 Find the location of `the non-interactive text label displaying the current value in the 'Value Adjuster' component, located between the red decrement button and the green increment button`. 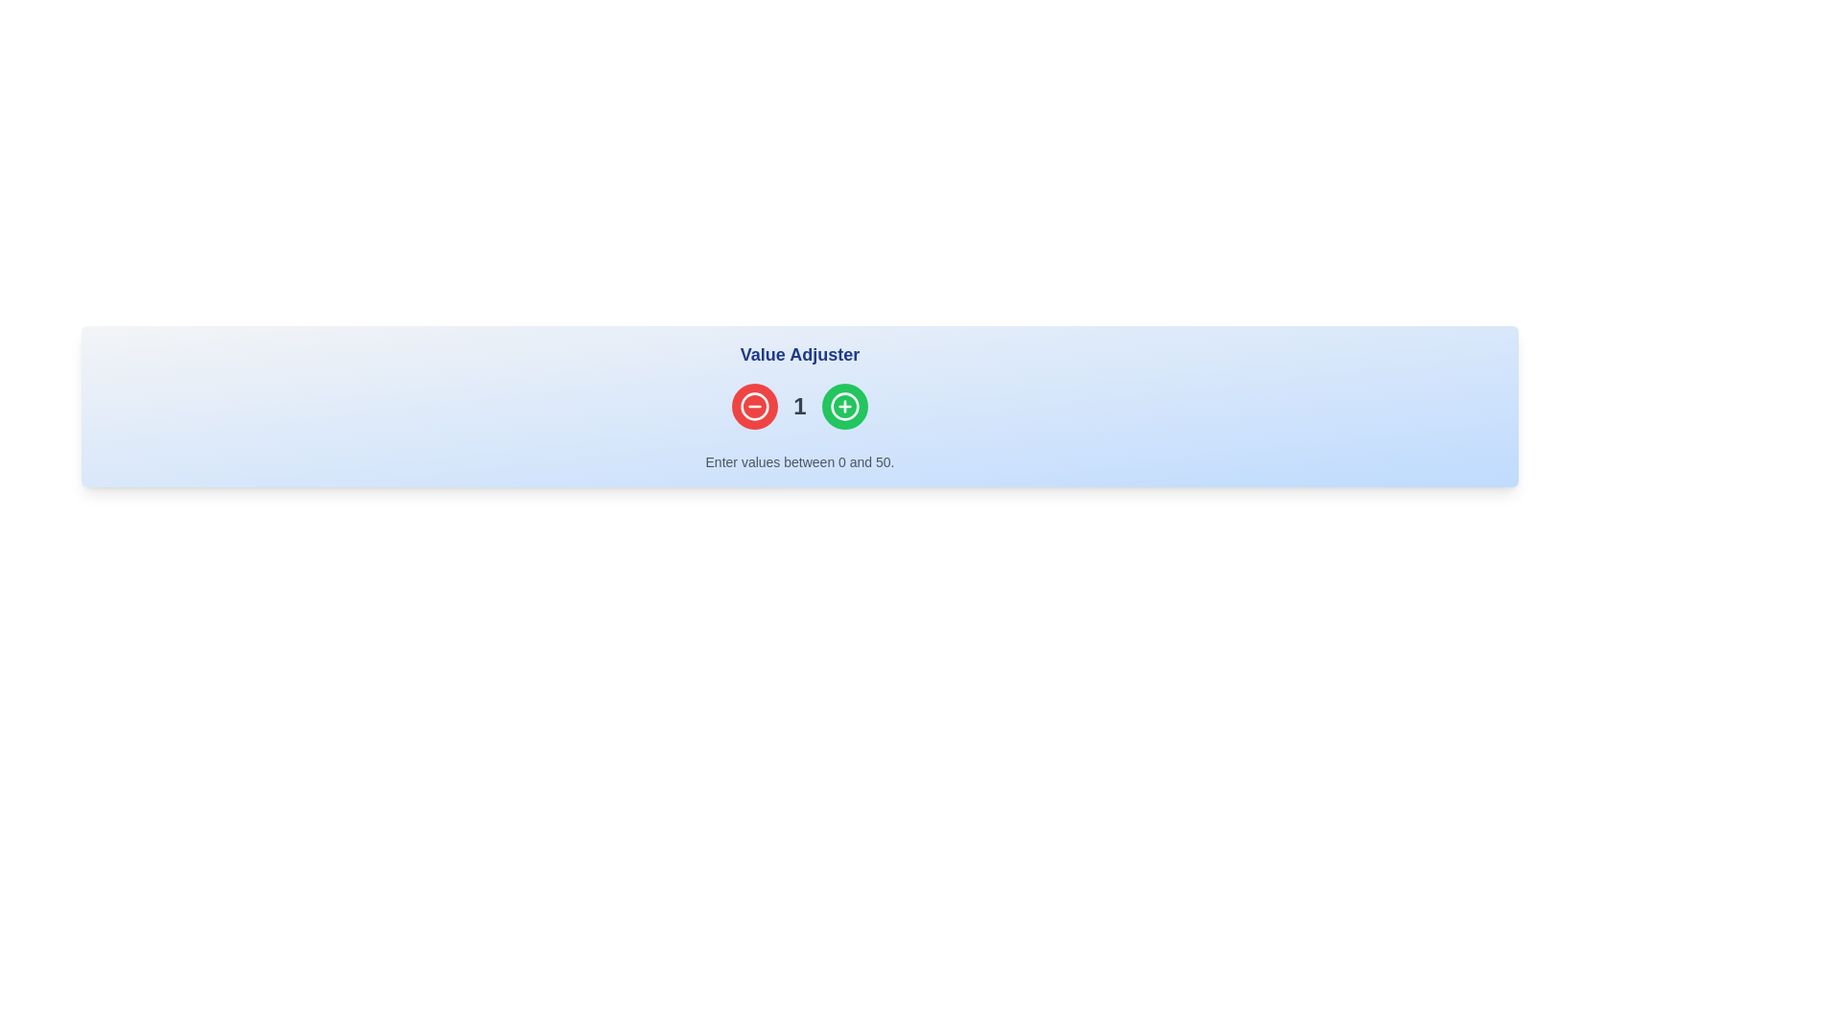

the non-interactive text label displaying the current value in the 'Value Adjuster' component, located between the red decrement button and the green increment button is located at coordinates (800, 406).